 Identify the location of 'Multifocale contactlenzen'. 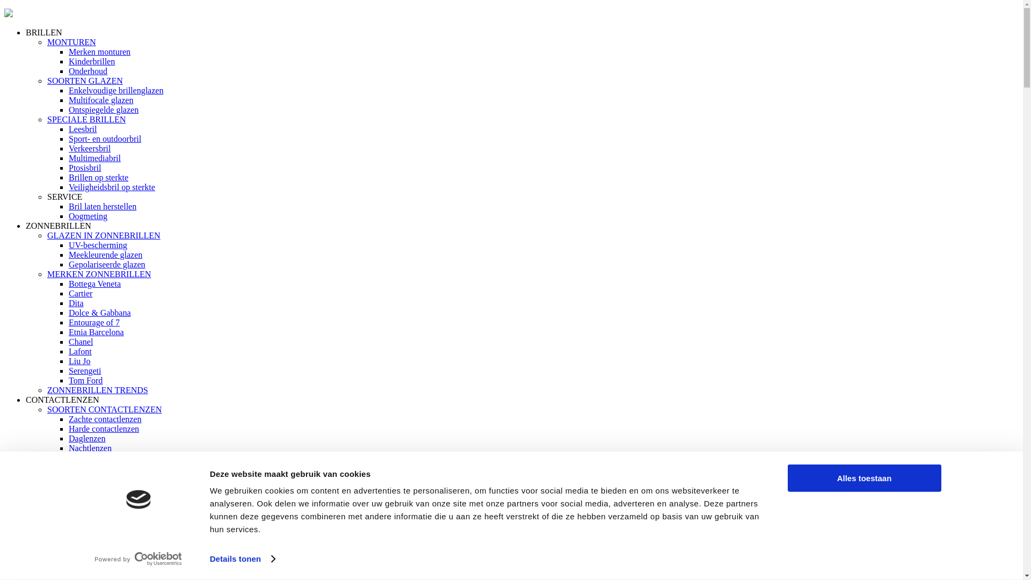
(113, 458).